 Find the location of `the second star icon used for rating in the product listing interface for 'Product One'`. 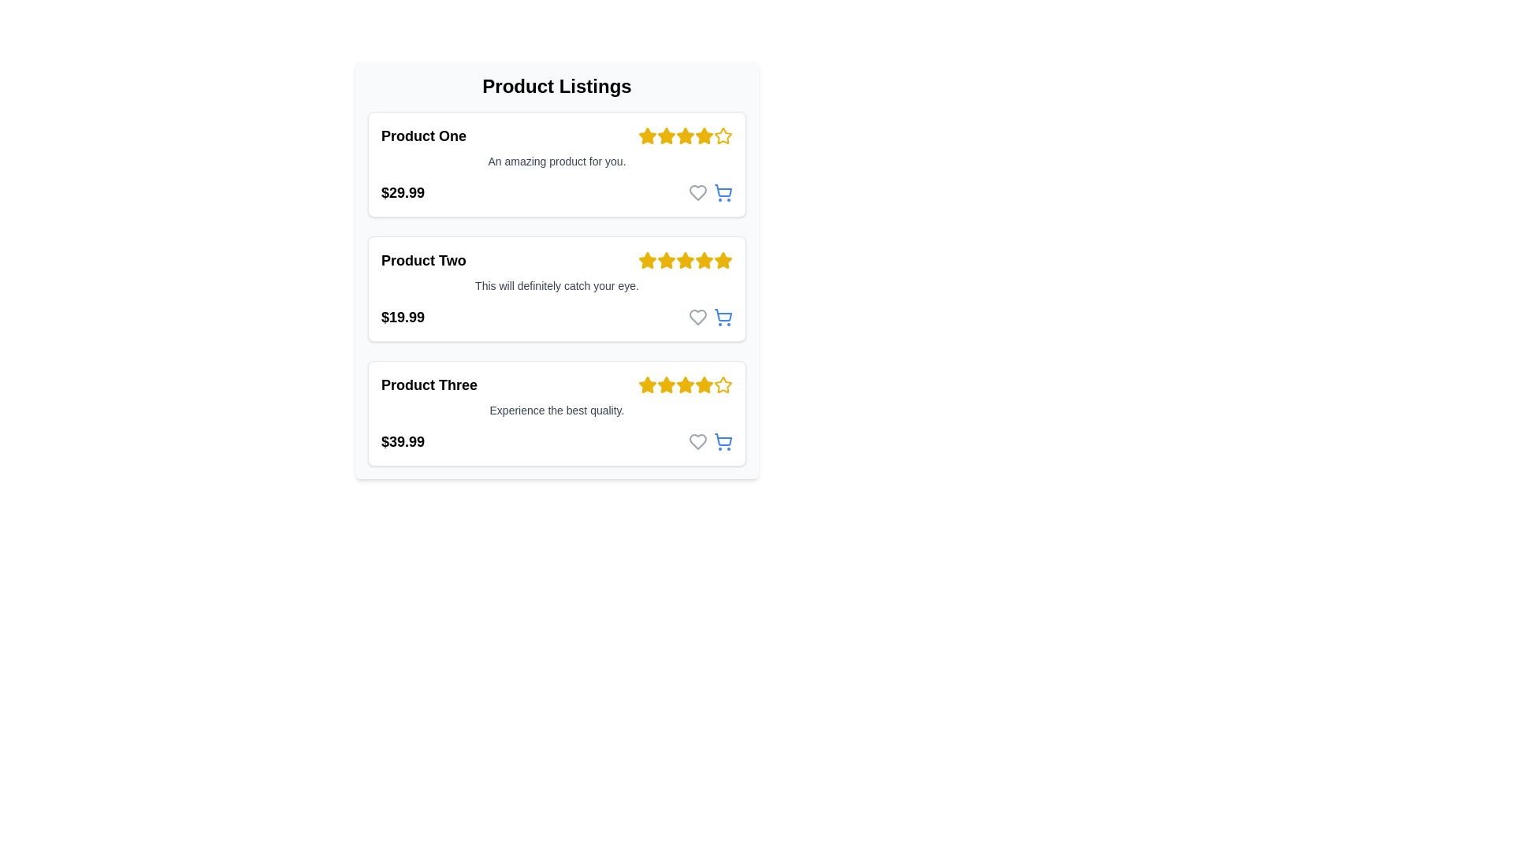

the second star icon used for rating in the product listing interface for 'Product One' is located at coordinates (666, 135).